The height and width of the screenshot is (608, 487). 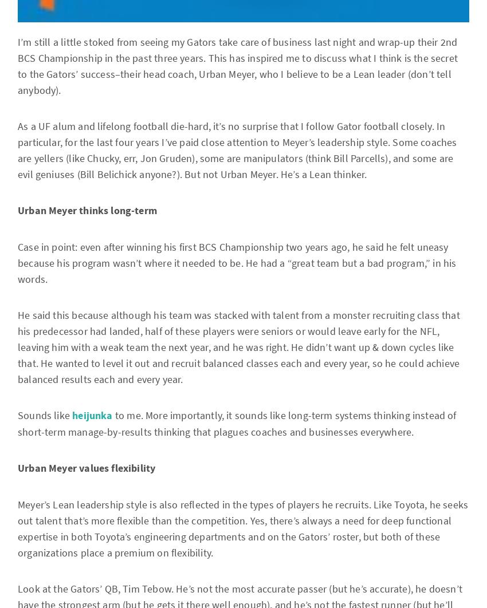 I want to click on 'to me. More importantly, it sounds like long-term systems thinking instead of short-term manage-by-results thinking that plagues coaches and businesses everywhere.', so click(x=237, y=424).